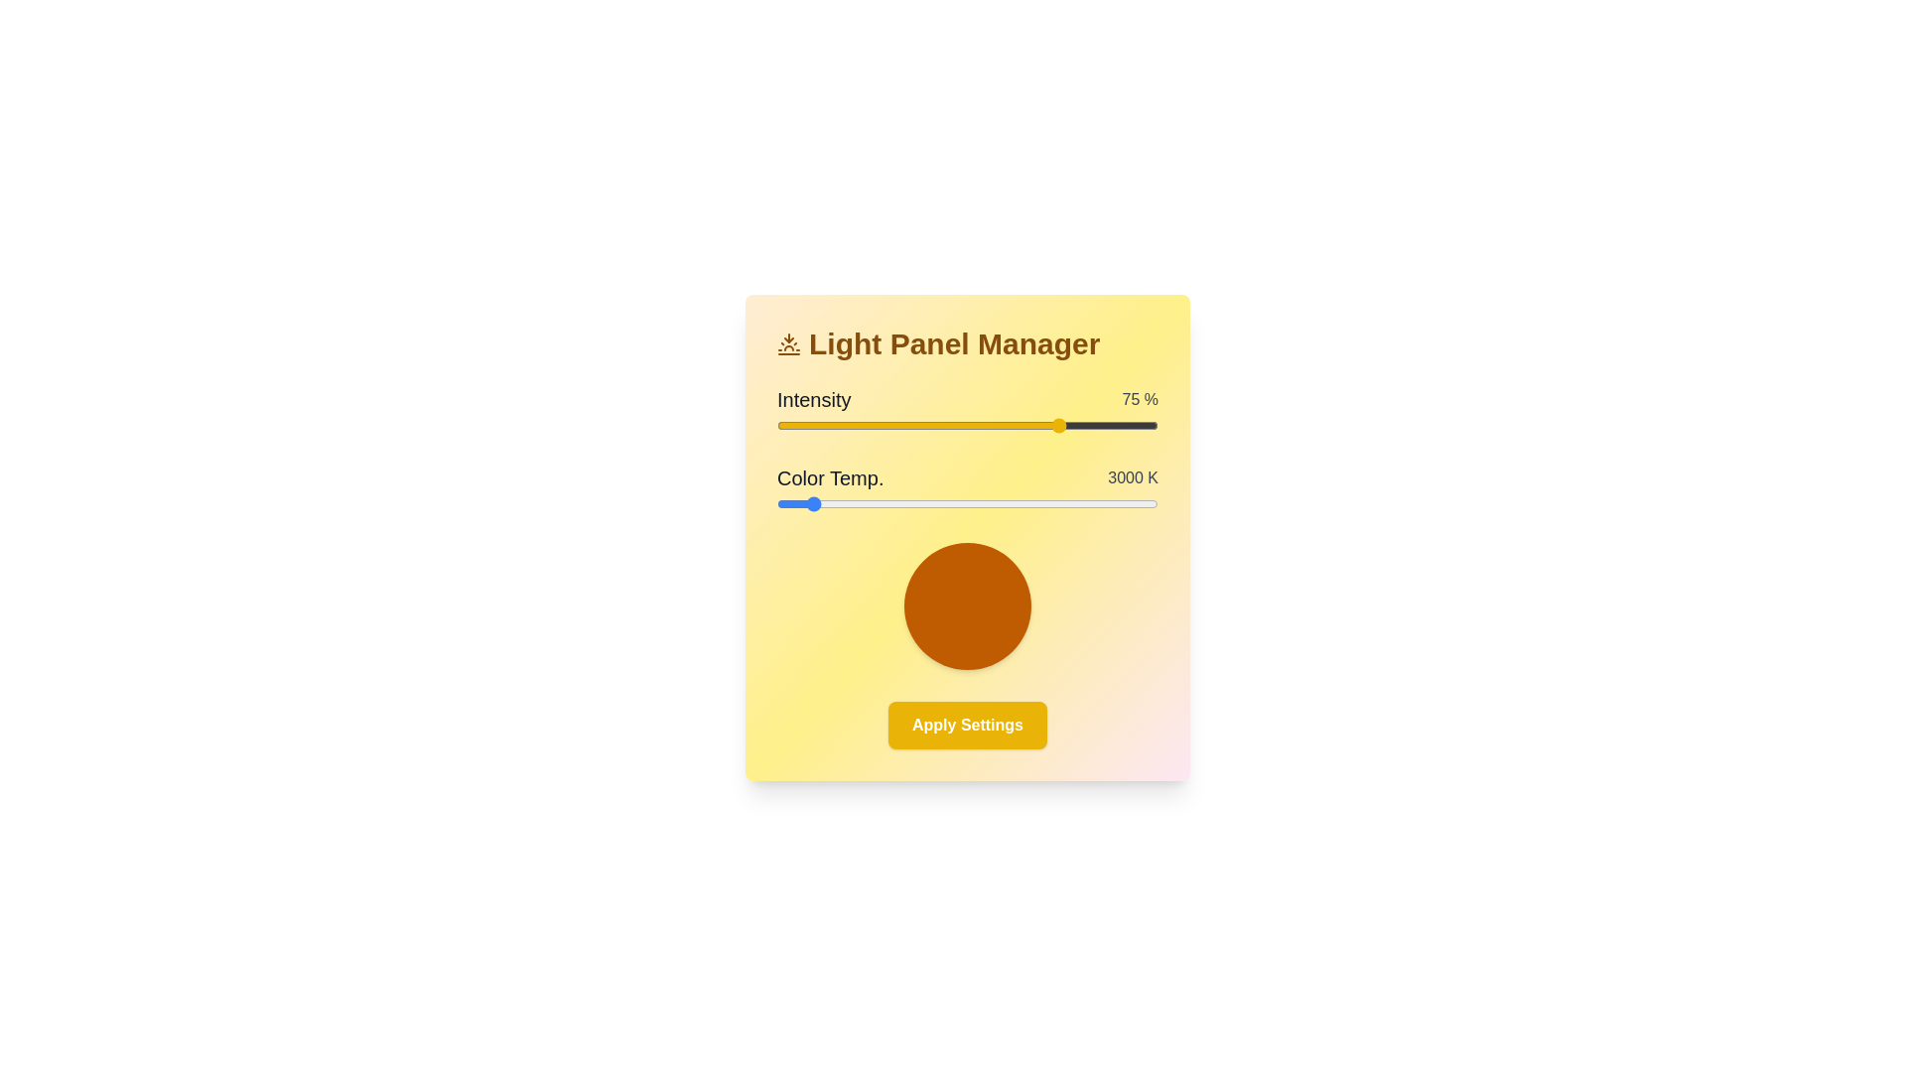 This screenshot has height=1072, width=1906. I want to click on the color temperature slider to 5271 K, so click(1033, 503).